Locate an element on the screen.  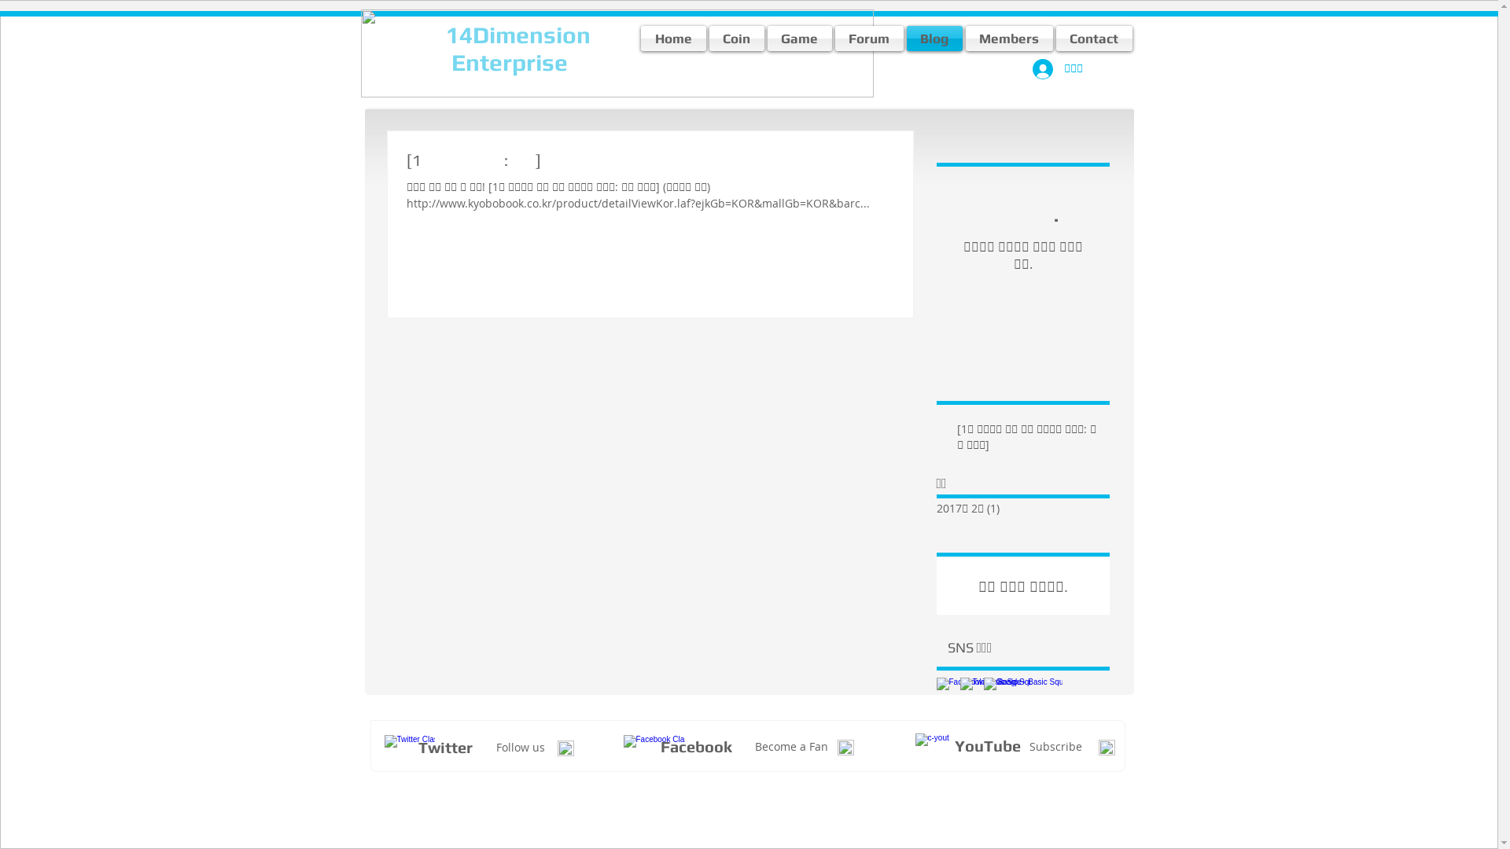
'Blog' is located at coordinates (904, 38).